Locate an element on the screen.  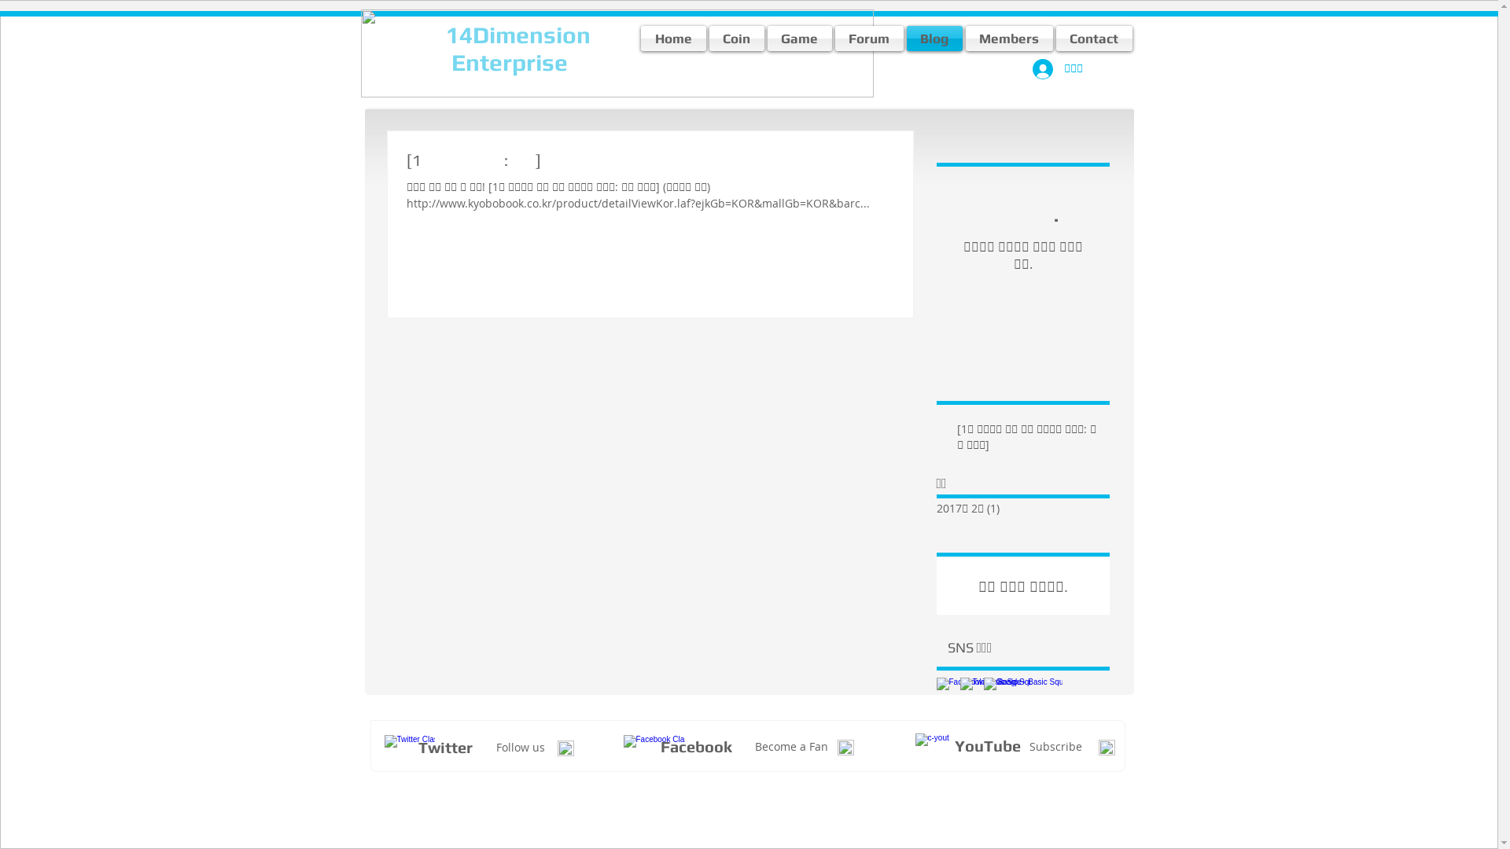
'Blog' is located at coordinates (904, 38).